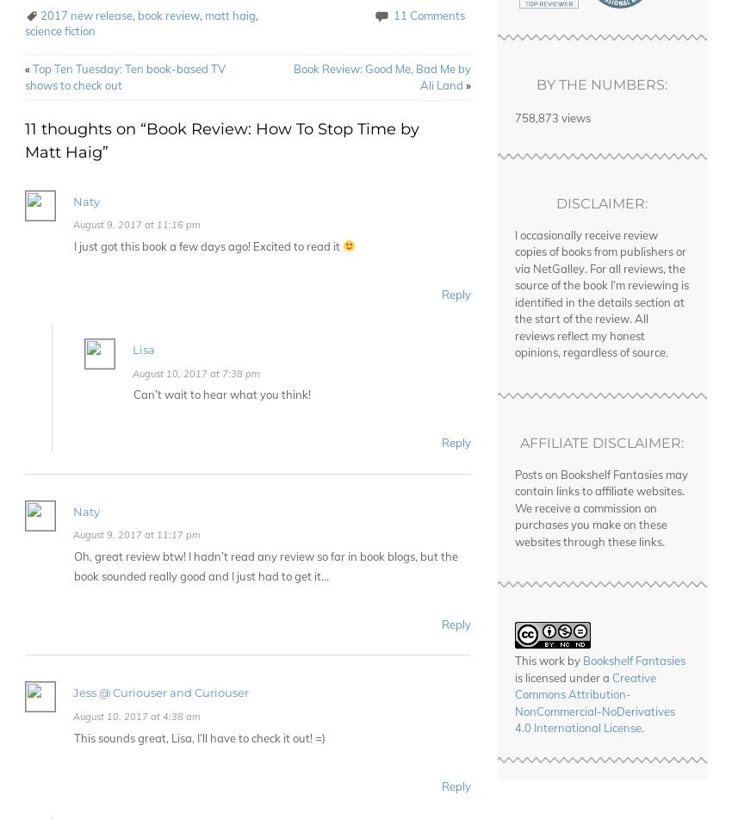  What do you see at coordinates (513, 507) in the screenshot?
I see `'Posts on Bookshelf Fantasies may contain links to affiliate websites. We receive a commission on purchases you make on these websites through these links.'` at bounding box center [513, 507].